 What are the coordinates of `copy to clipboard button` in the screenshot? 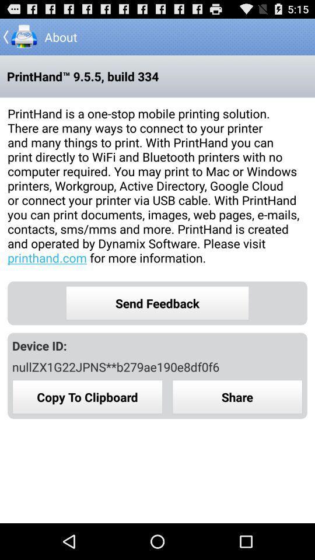 It's located at (87, 397).